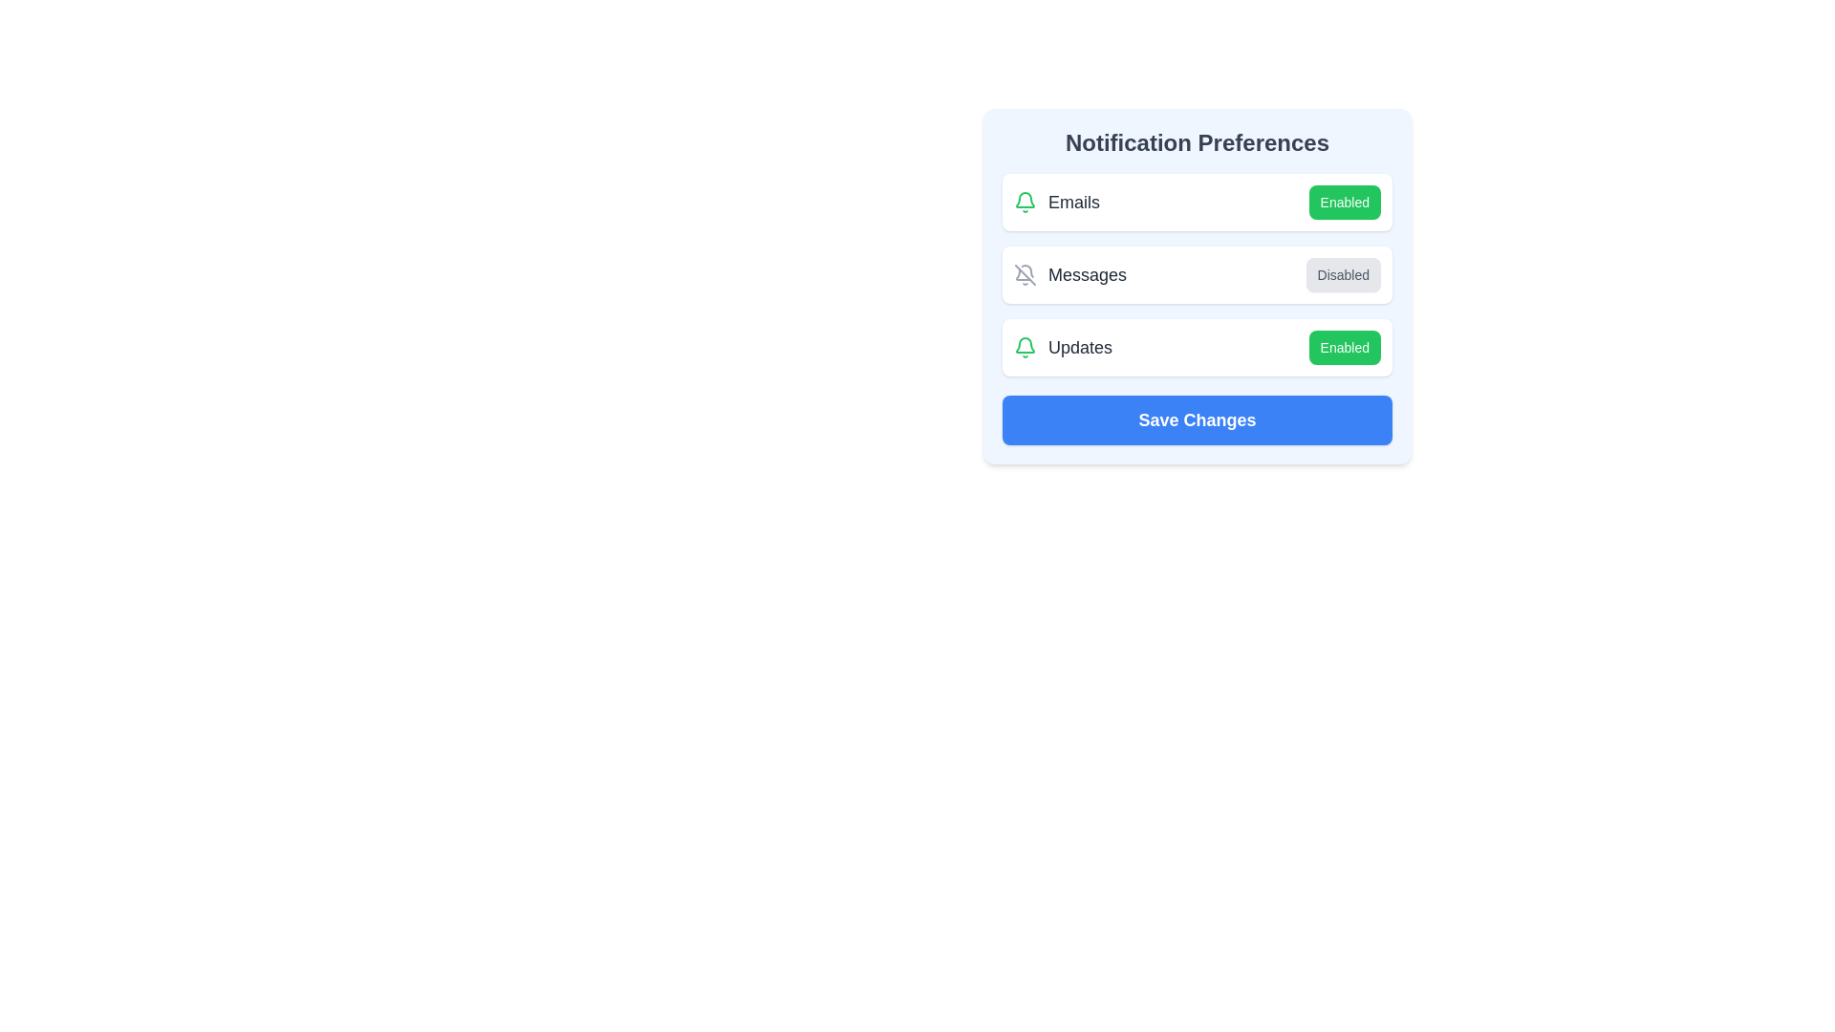 The image size is (1835, 1032). I want to click on the 'Disabled' button for 'Messages' to toggle its notification preference, so click(1342, 275).